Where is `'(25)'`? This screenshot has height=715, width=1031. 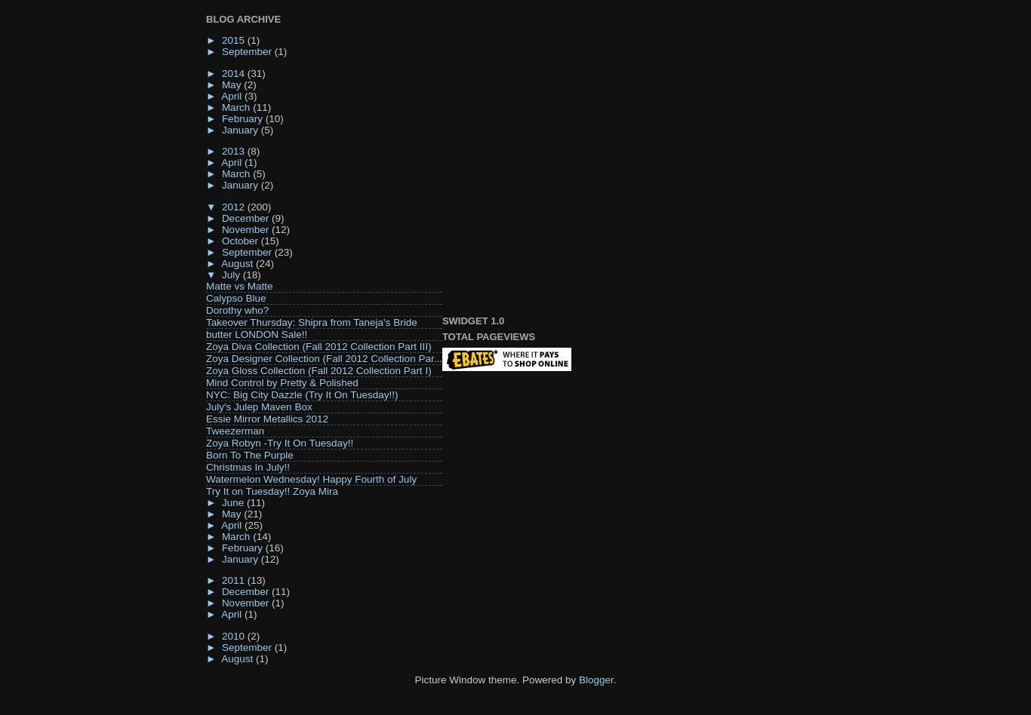 '(25)' is located at coordinates (252, 523).